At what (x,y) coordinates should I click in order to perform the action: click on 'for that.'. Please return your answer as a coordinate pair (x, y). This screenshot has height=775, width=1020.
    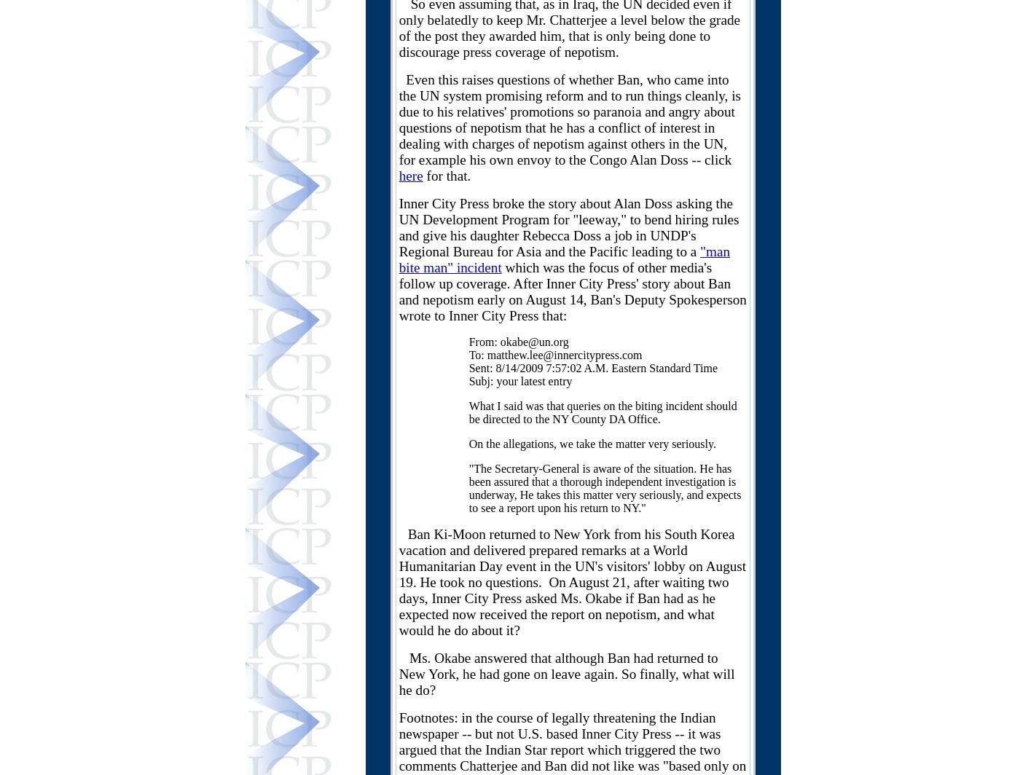
    Looking at the image, I should click on (447, 176).